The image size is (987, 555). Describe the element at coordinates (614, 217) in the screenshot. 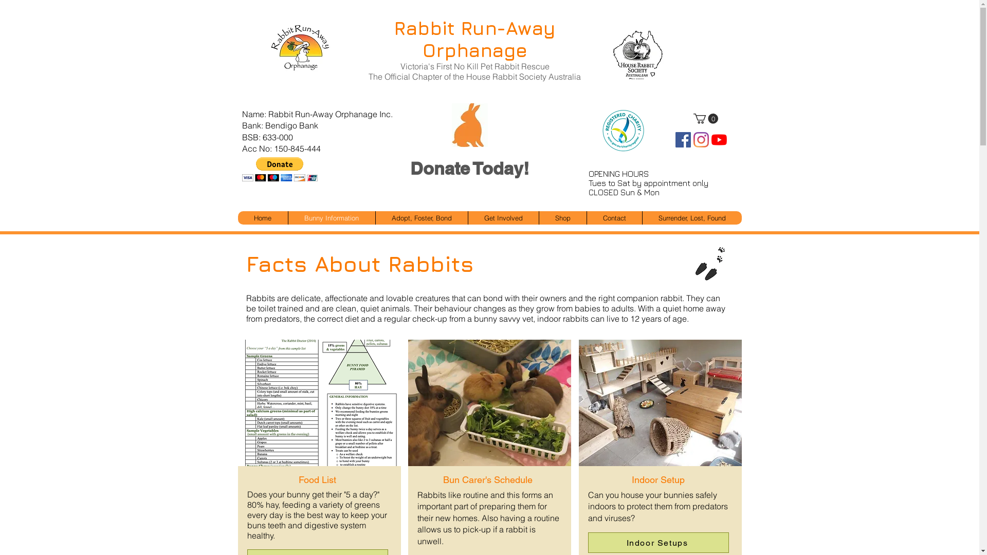

I see `'Contact'` at that location.